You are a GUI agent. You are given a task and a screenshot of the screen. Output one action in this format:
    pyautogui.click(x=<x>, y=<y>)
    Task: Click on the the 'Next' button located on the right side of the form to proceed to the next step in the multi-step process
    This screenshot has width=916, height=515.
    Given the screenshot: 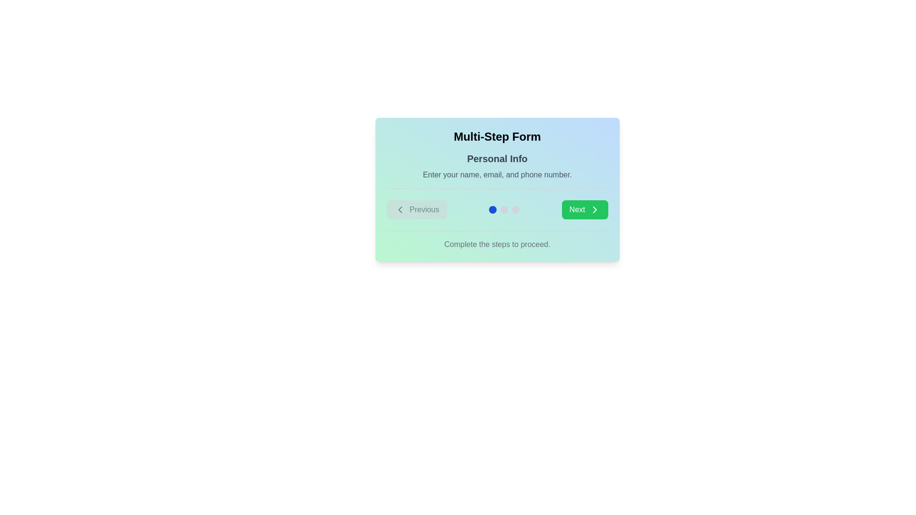 What is the action you would take?
    pyautogui.click(x=584, y=209)
    